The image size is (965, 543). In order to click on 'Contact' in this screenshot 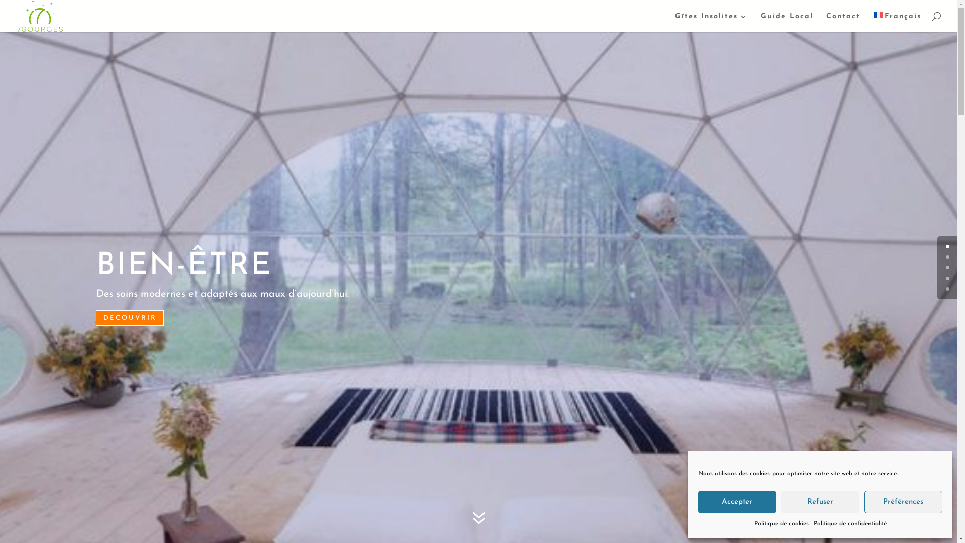, I will do `click(843, 23)`.